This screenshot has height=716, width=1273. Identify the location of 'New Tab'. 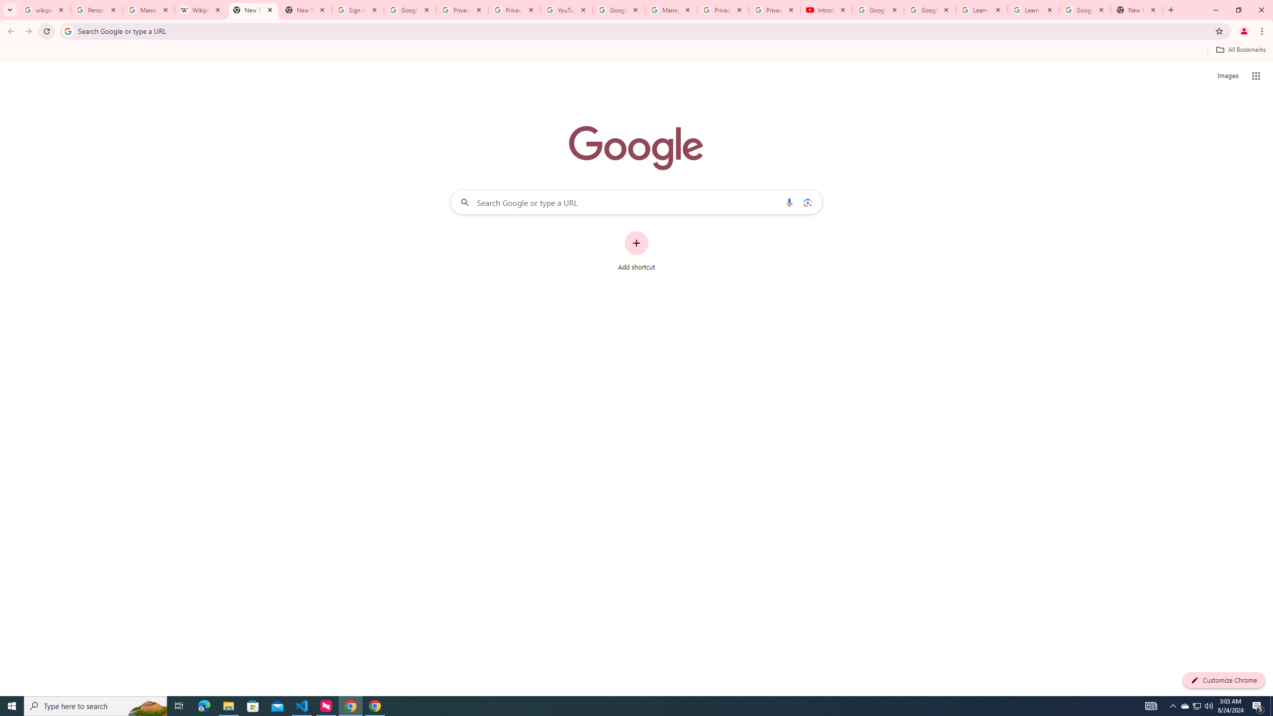
(1137, 9).